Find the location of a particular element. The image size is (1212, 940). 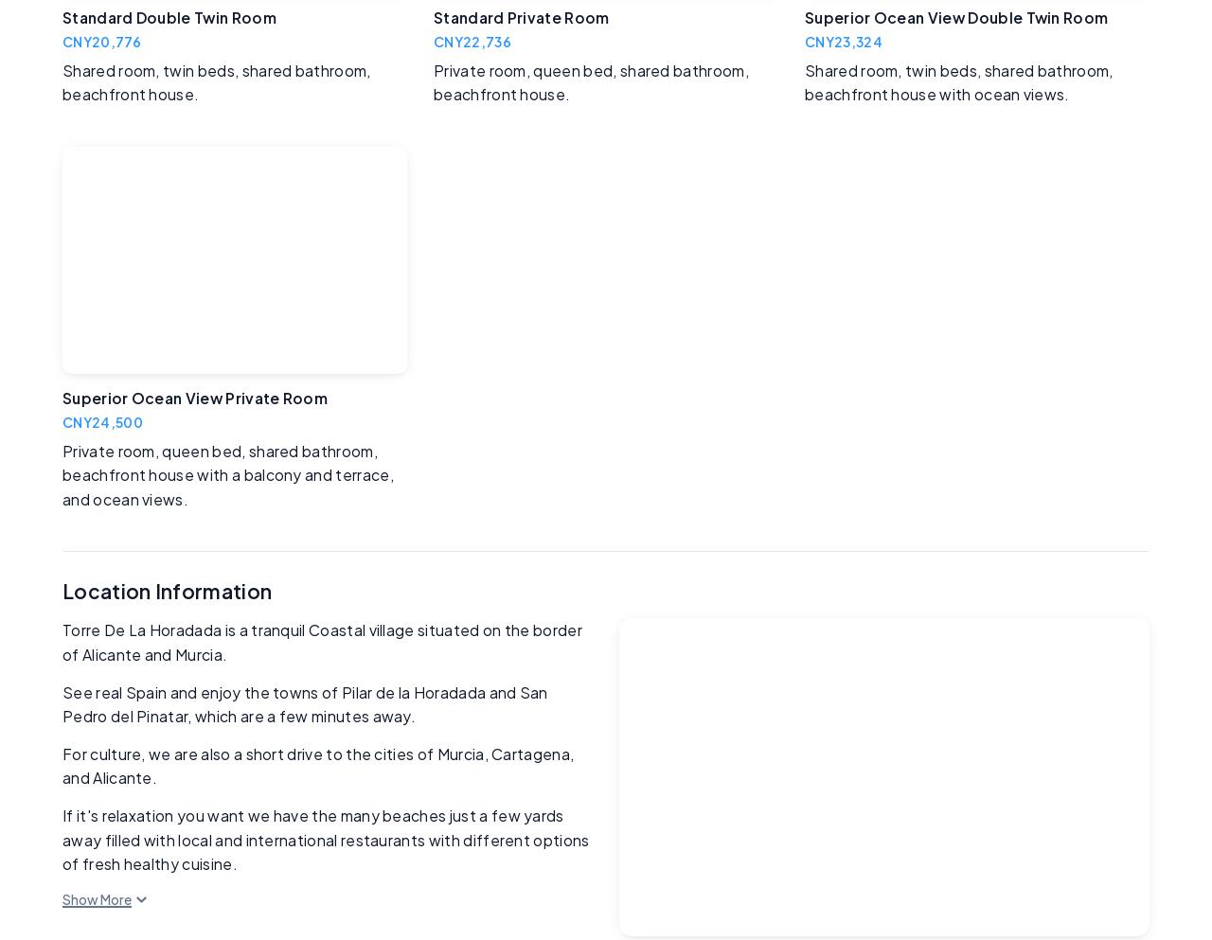

'Shared room, twin beds, shared bathroom, beachfront house.' is located at coordinates (216, 80).